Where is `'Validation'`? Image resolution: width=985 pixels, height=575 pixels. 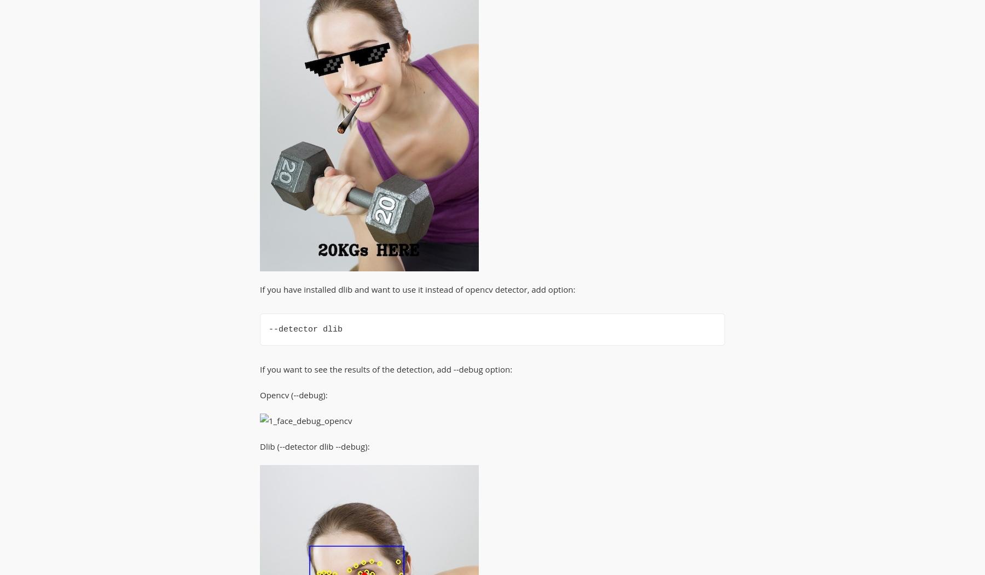 'Validation' is located at coordinates (412, 50).